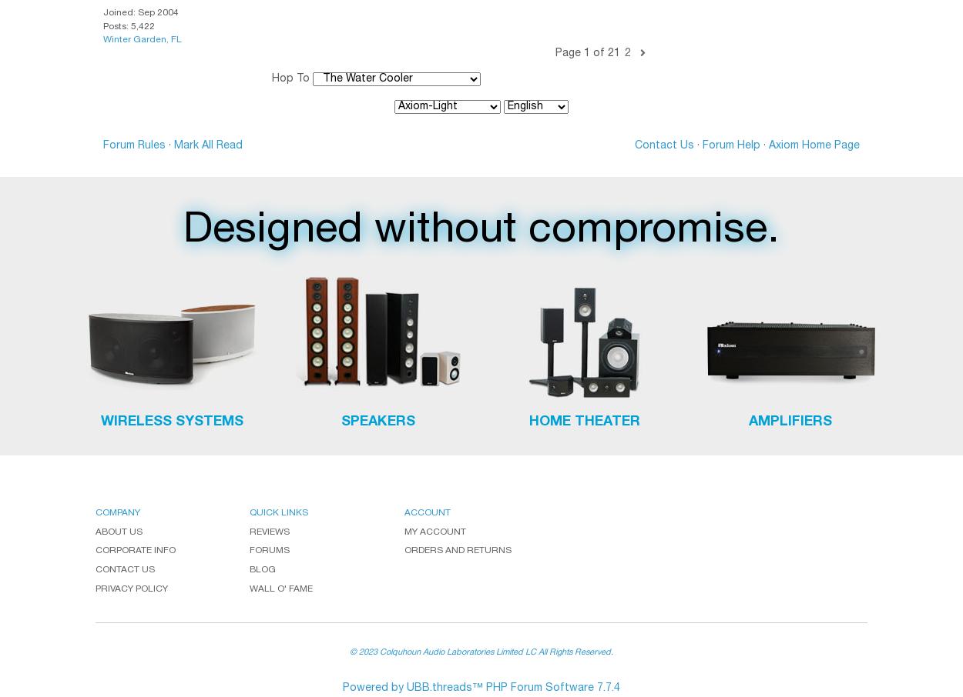 The image size is (963, 697). I want to click on 'Joined:', so click(120, 12).